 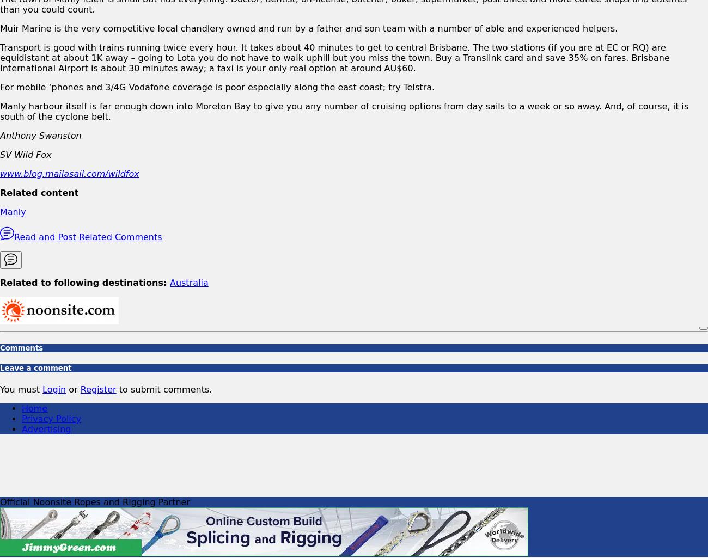 I want to click on 'Related content', so click(x=0, y=192).